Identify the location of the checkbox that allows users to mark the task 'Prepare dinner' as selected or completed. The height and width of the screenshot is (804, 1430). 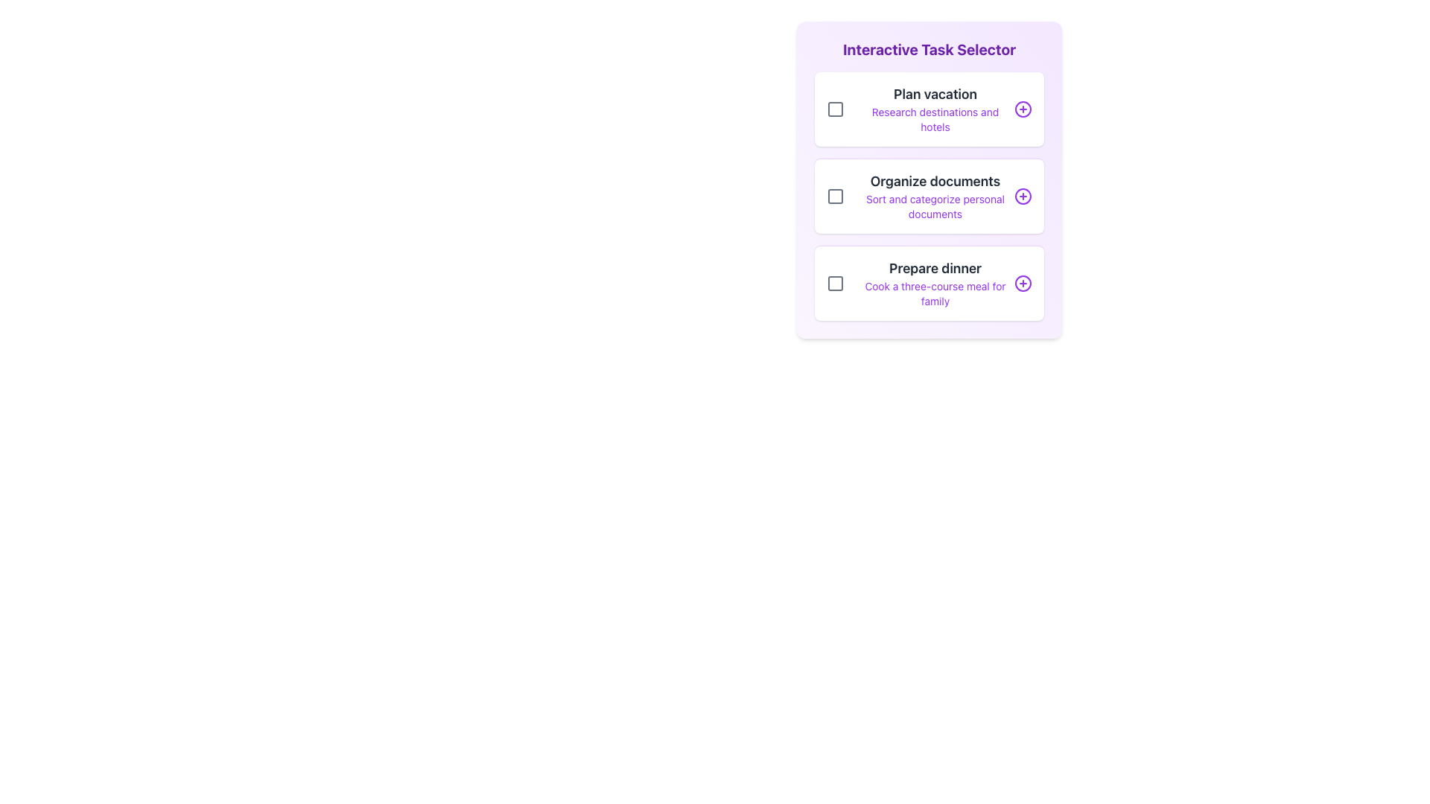
(836, 284).